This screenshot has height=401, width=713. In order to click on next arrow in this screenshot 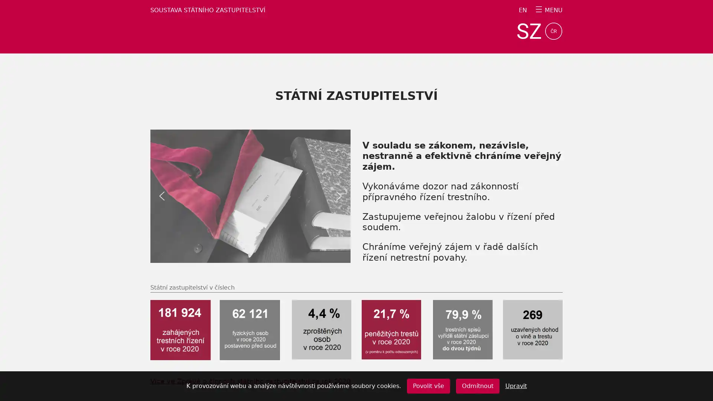, I will do `click(338, 196)`.